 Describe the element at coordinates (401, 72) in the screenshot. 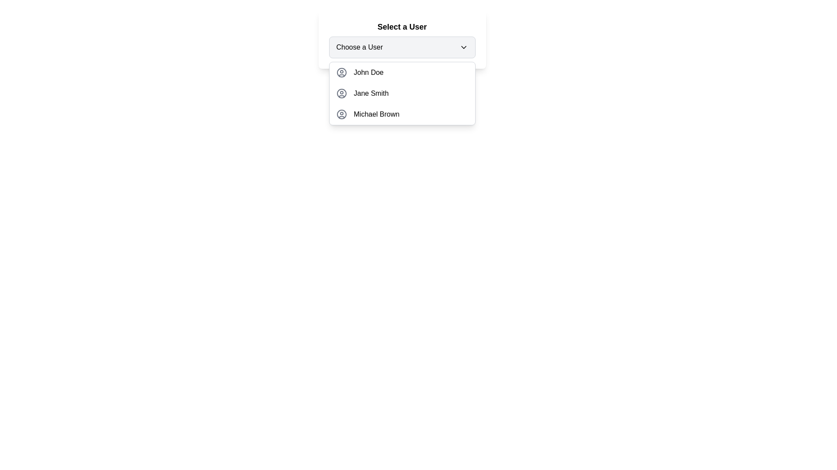

I see `the first selectable user option in the dropdown menu labeled 'Select a User'` at that location.